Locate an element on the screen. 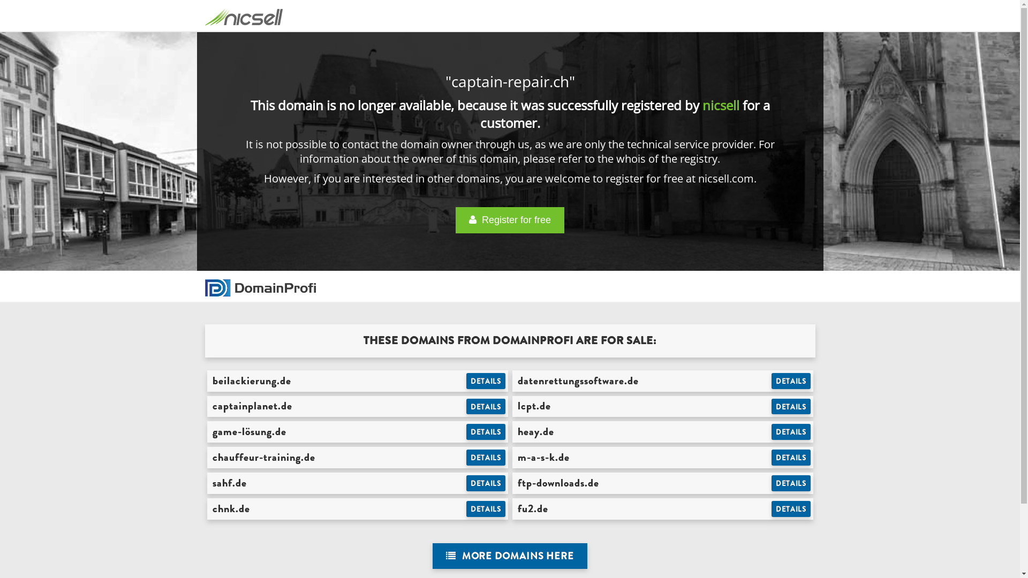  'DETAILS' is located at coordinates (466, 406).